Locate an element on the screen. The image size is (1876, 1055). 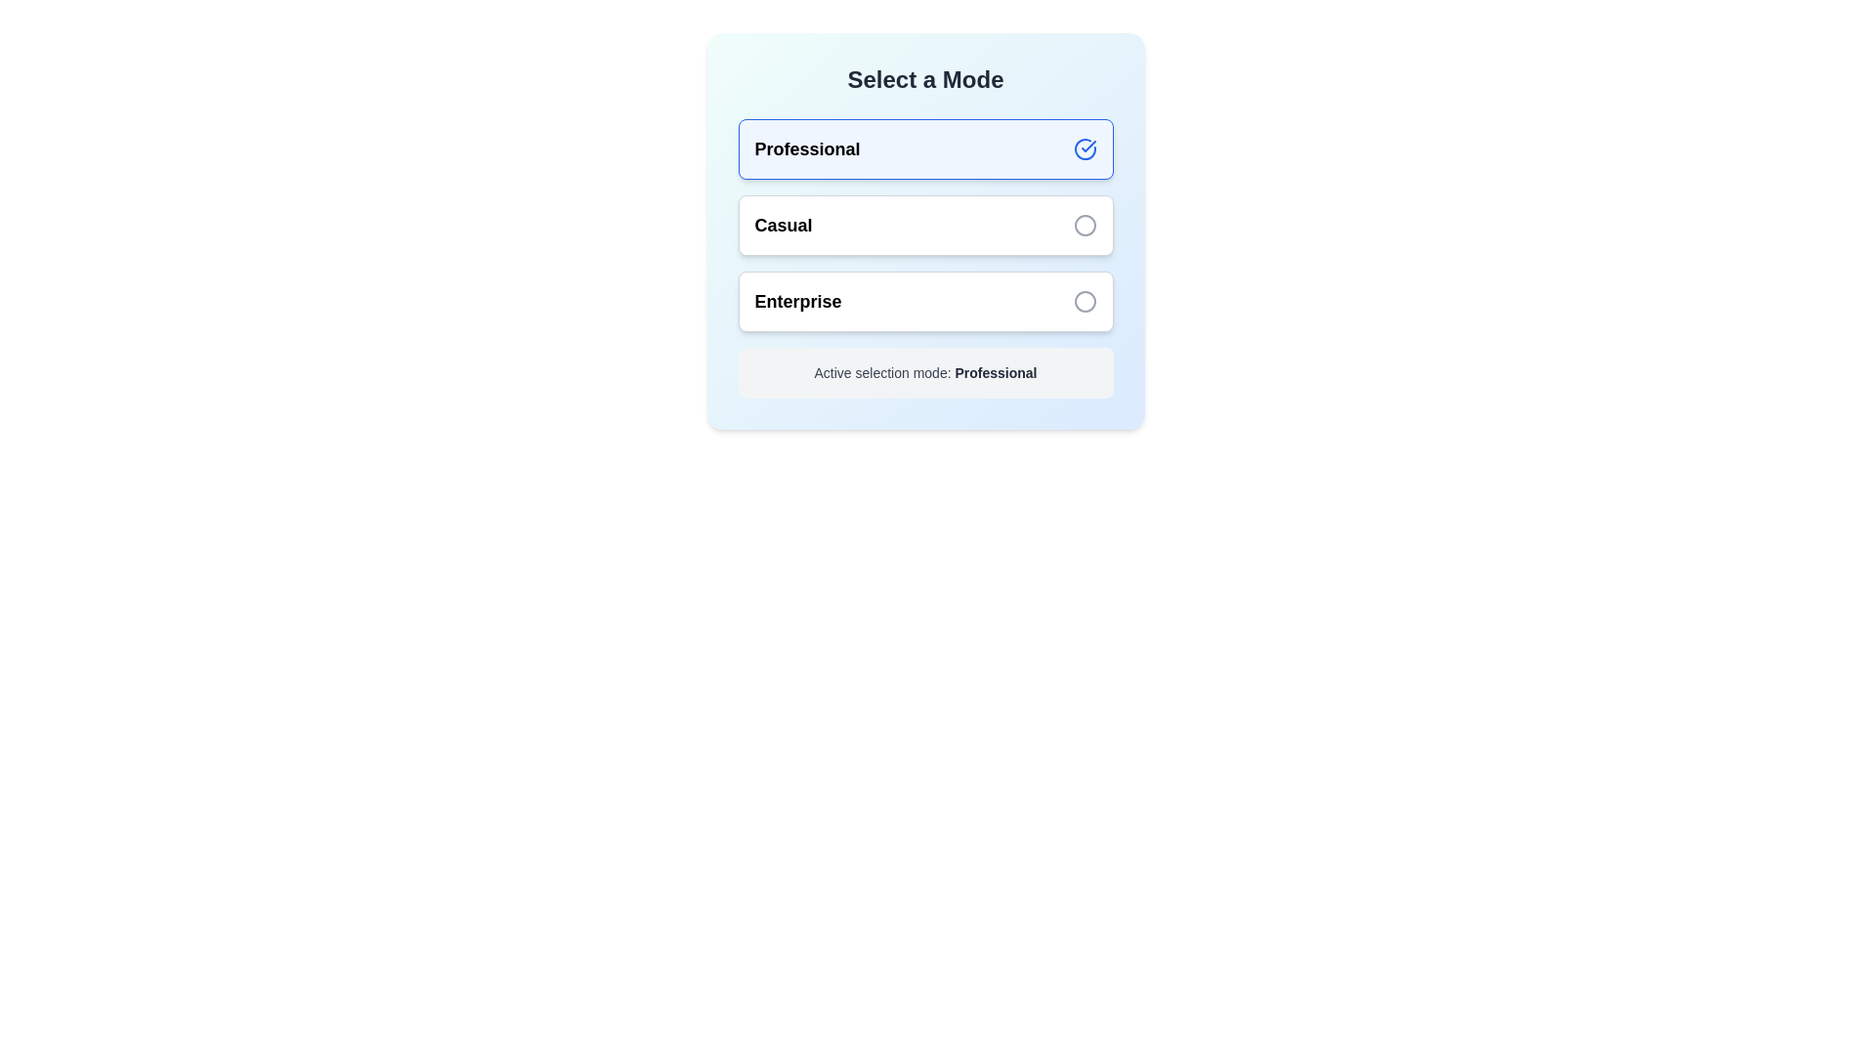
the card associated with the text label 'Enterprise', which is styled in bold is located at coordinates (797, 301).